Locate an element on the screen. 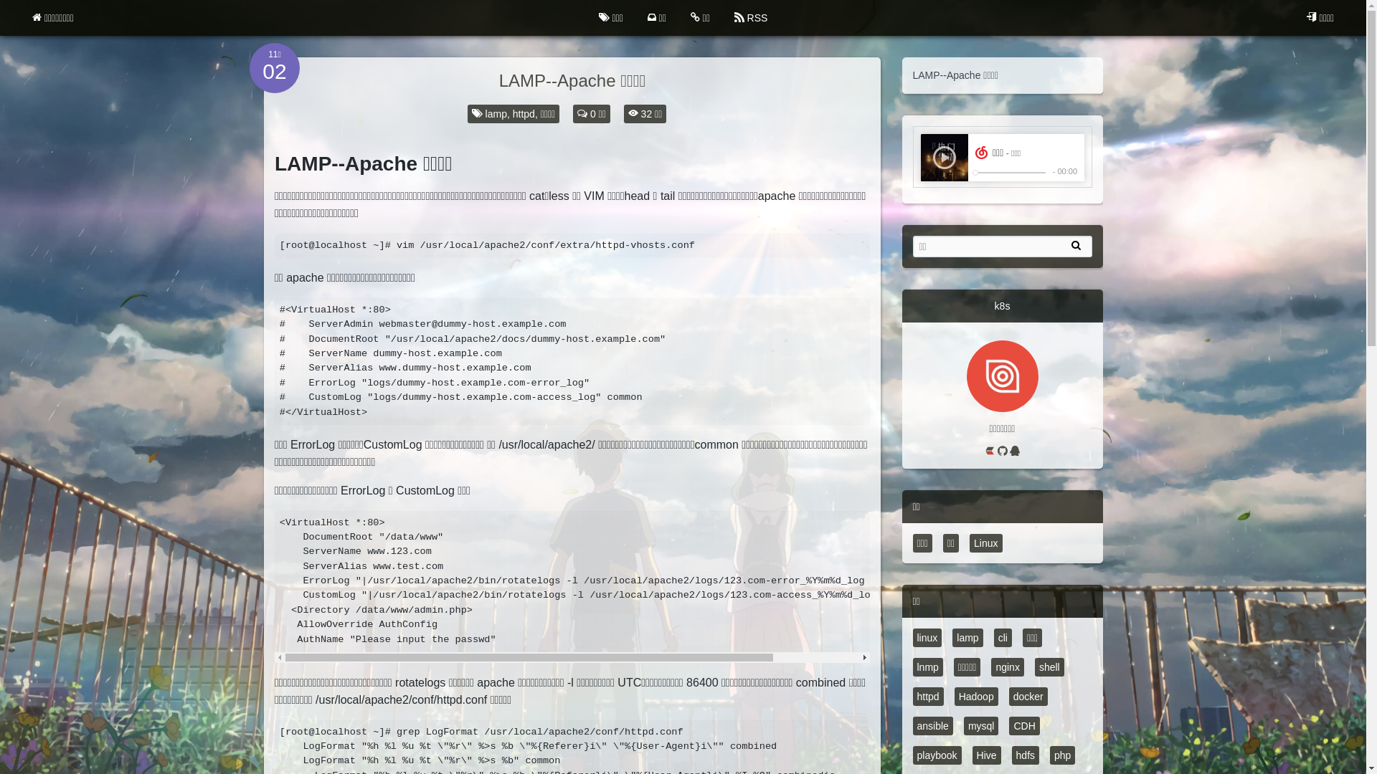  'lnmp' is located at coordinates (927, 666).